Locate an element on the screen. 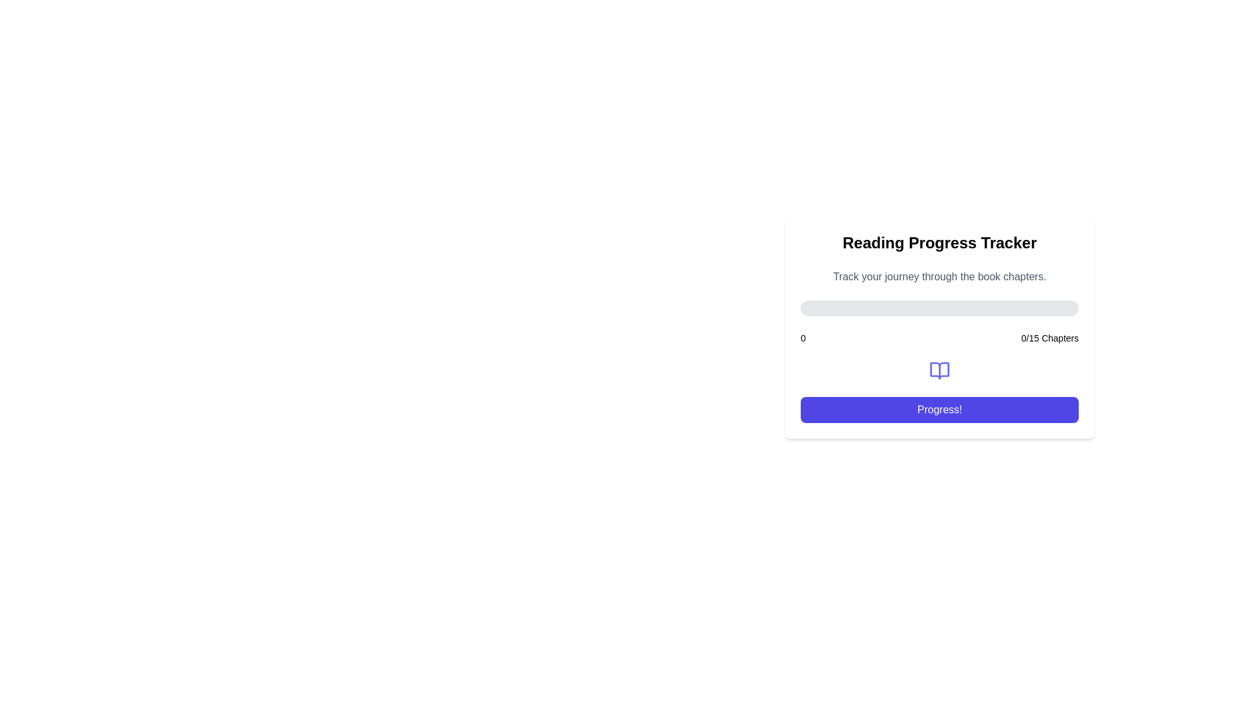 The height and width of the screenshot is (704, 1253). the progress Text Label displaying '0 out of 15' located at the bottom right of the card interface is located at coordinates (1049, 338).